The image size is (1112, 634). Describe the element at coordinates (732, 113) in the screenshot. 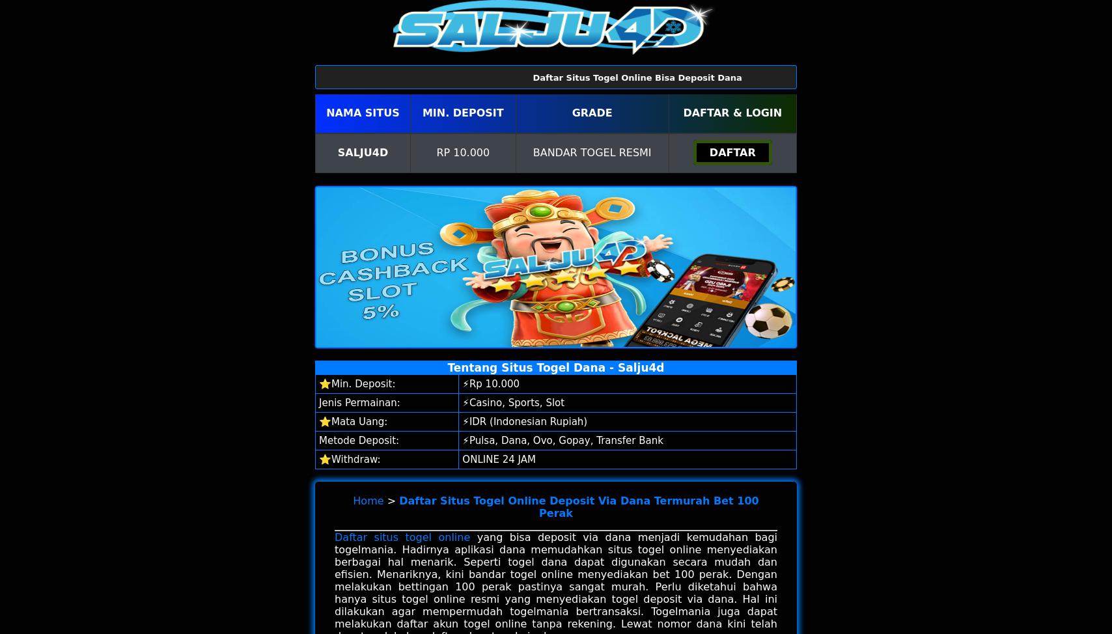

I see `'Daftar & Login'` at that location.